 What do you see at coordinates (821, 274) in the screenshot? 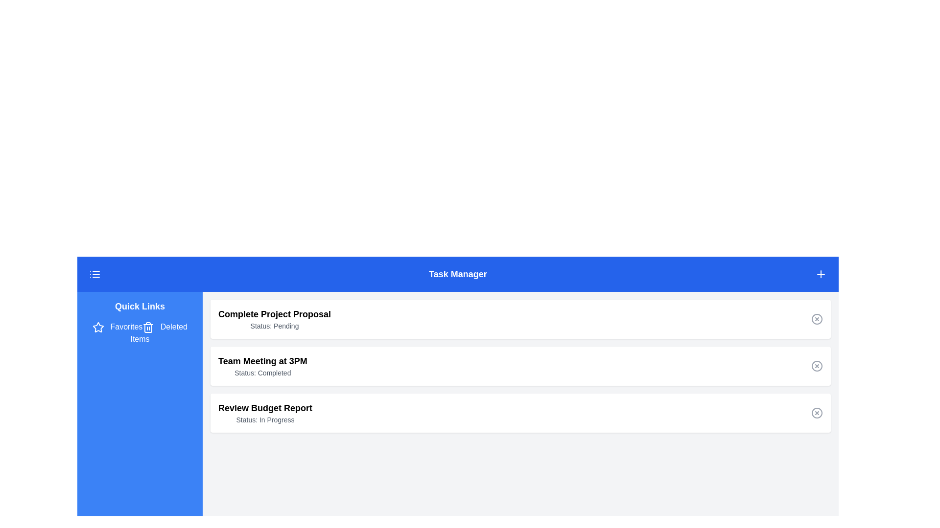
I see `the plus icon button on the far-right side of the top blue header bar titled 'Task Manager' to potentially reveal additional information or a tooltip` at bounding box center [821, 274].